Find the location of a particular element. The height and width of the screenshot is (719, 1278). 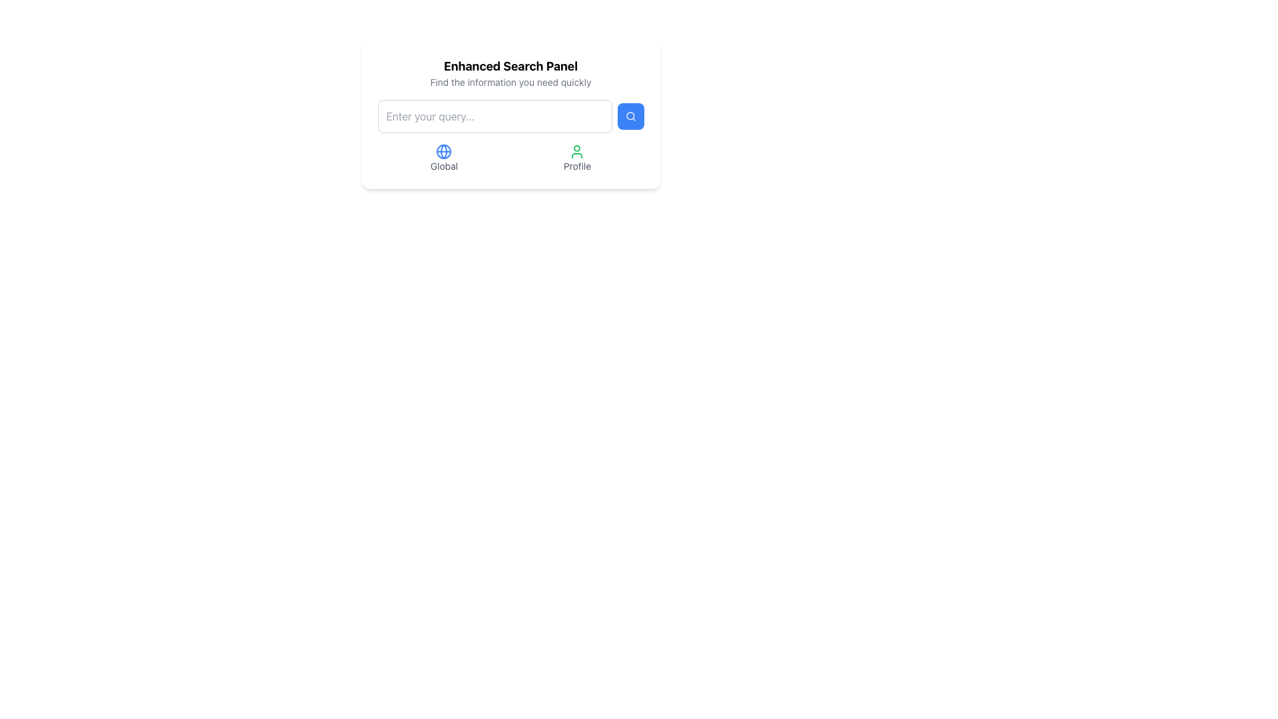

the text label displaying the word 'Global', which is styled in a small font and light gray color, located beneath a blue globe icon is located at coordinates (444, 166).